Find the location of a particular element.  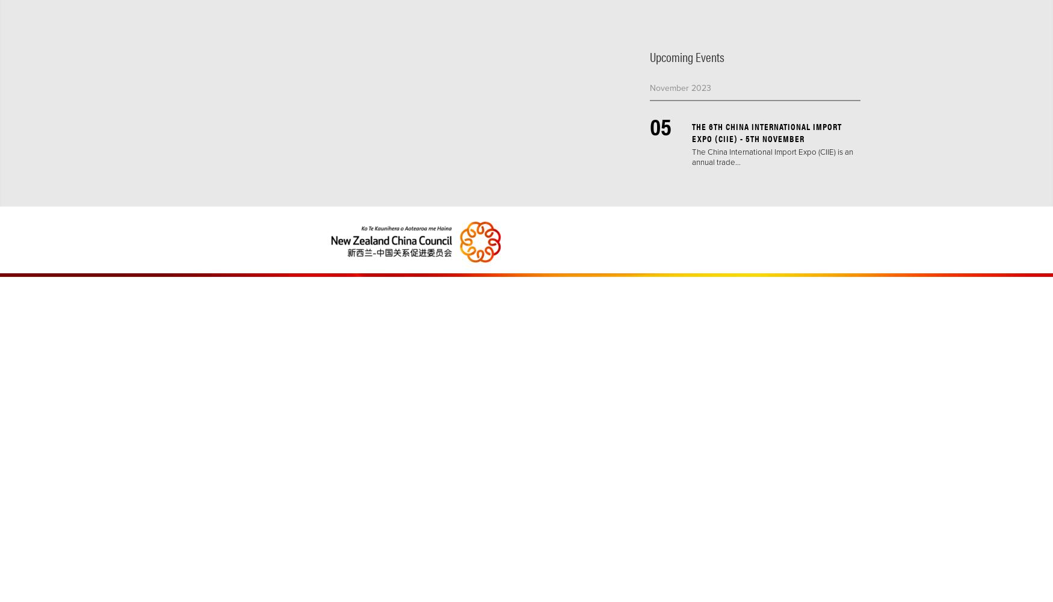

'The China International Import Expo (CIIE) is an annual trade…' is located at coordinates (771, 157).